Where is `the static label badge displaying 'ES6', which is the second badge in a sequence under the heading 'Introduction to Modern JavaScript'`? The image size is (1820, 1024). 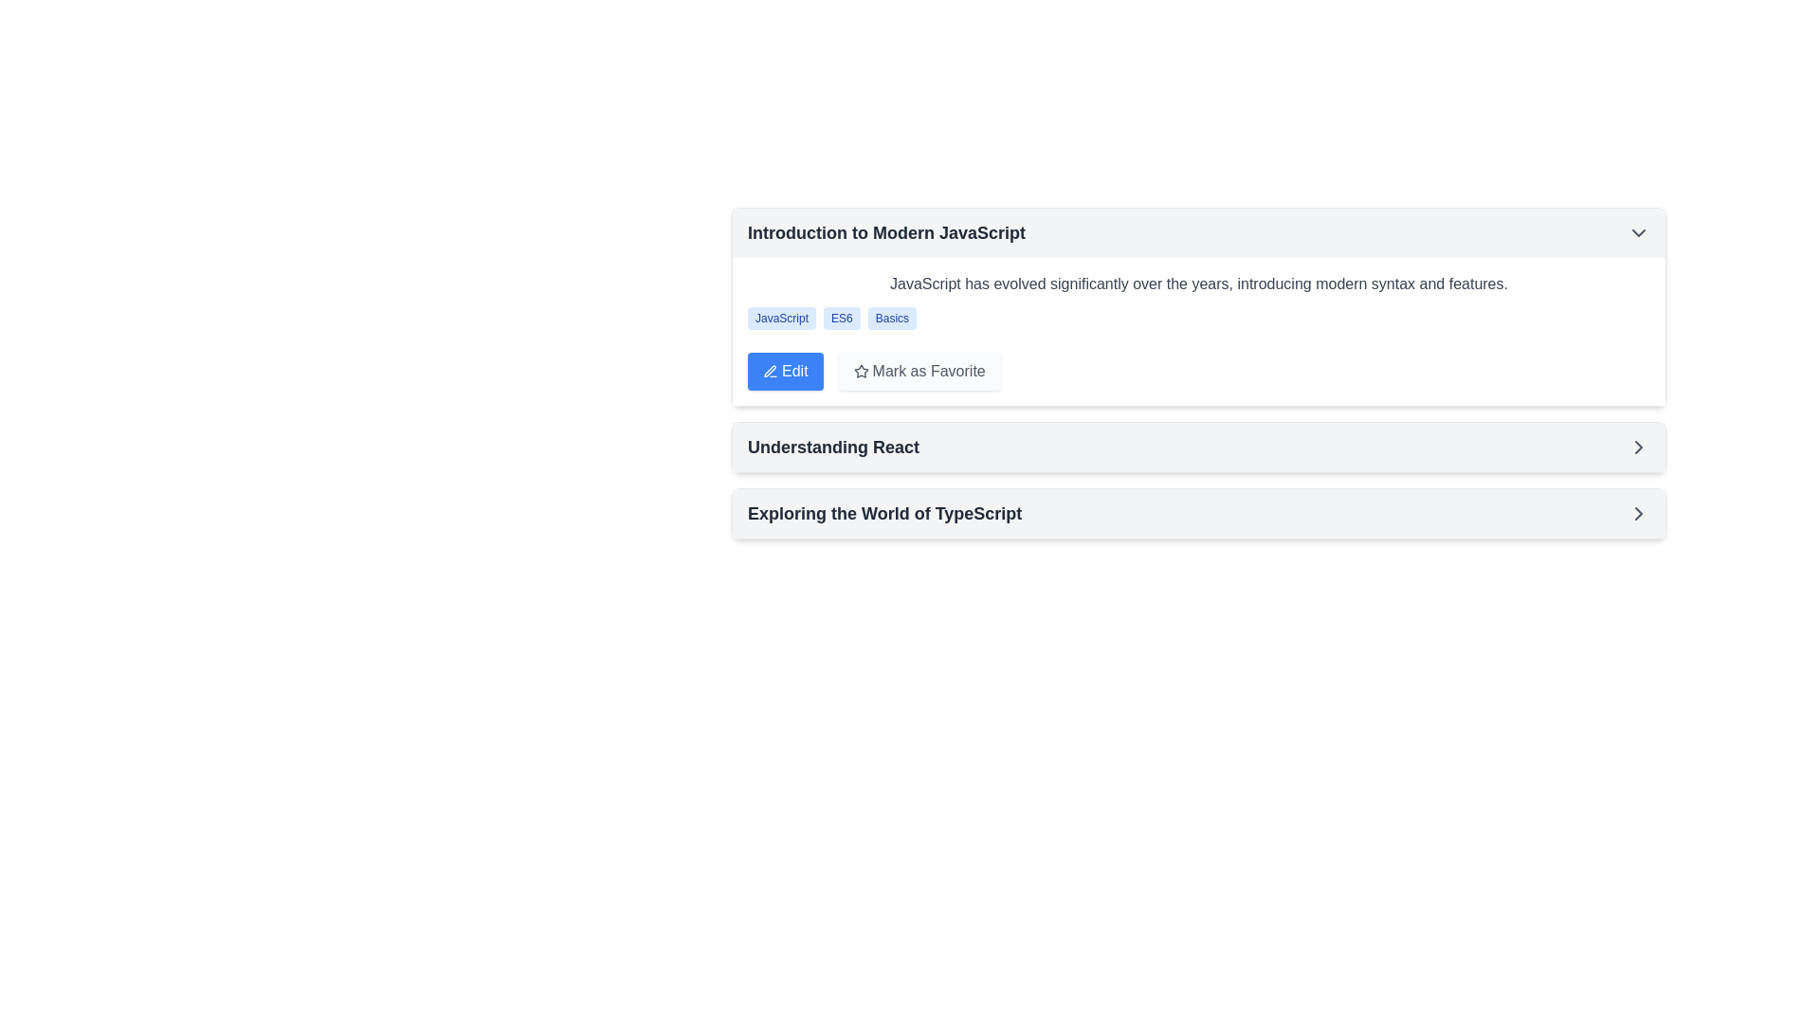
the static label badge displaying 'ES6', which is the second badge in a sequence under the heading 'Introduction to Modern JavaScript' is located at coordinates (841, 317).